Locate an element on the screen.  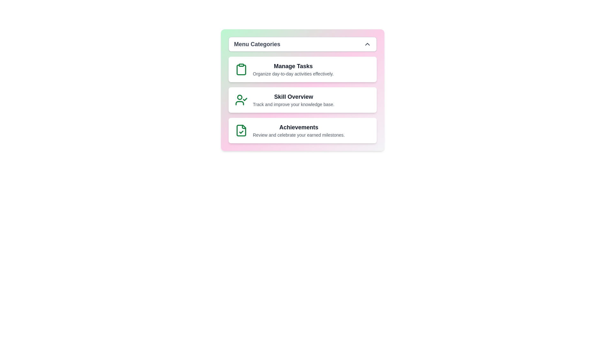
the category card corresponding to Manage Tasks is located at coordinates (302, 69).